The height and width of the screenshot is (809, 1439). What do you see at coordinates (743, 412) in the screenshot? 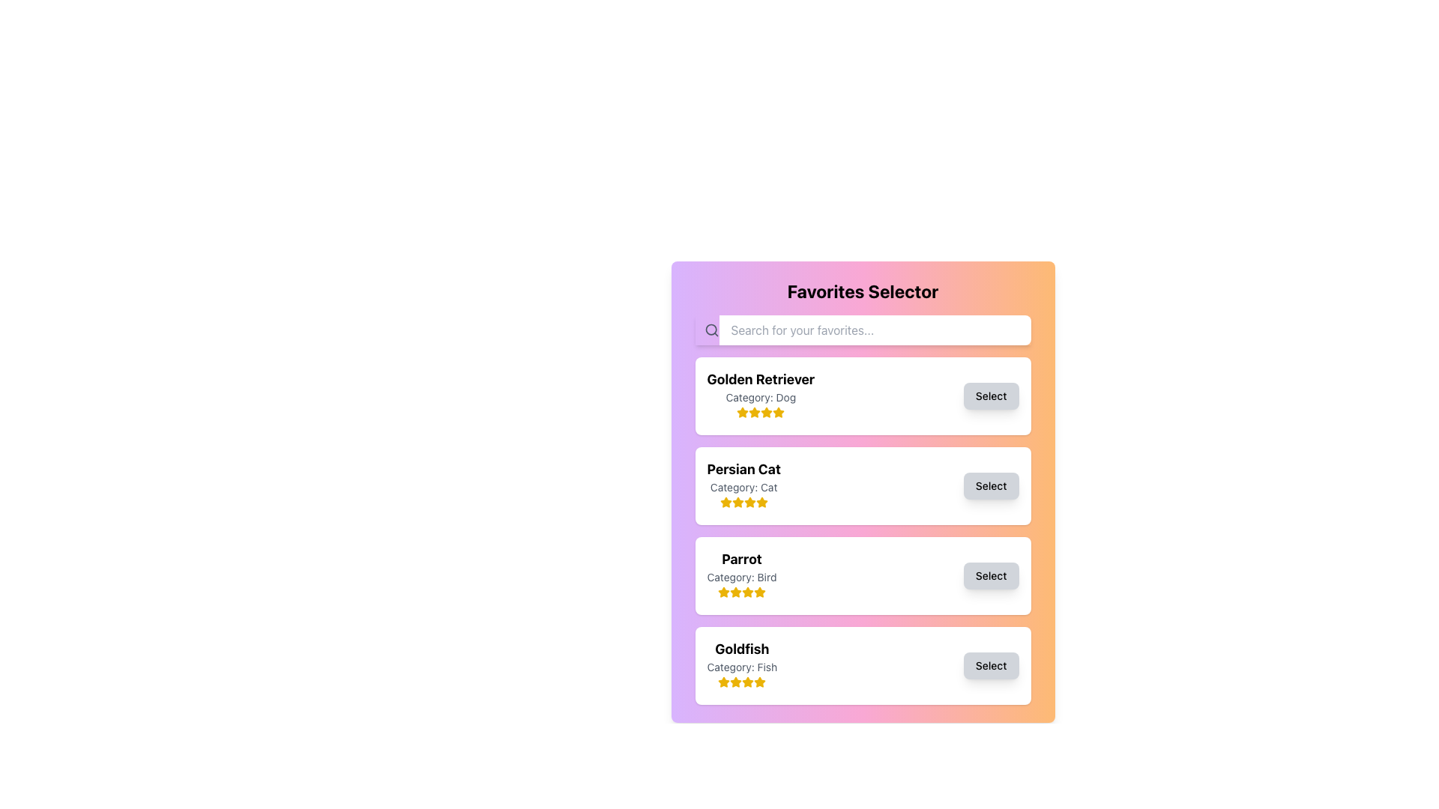
I see `the second star icon in the Favorites Selector interface for the 'Golden Retriever' item, which is used for rating` at bounding box center [743, 412].